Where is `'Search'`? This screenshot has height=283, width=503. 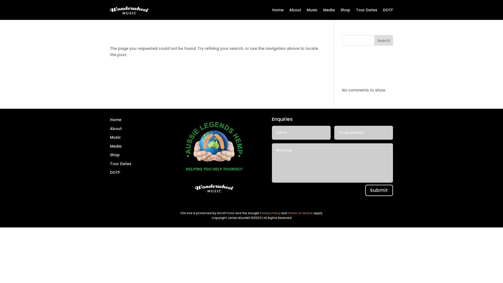 'Search' is located at coordinates (384, 40).